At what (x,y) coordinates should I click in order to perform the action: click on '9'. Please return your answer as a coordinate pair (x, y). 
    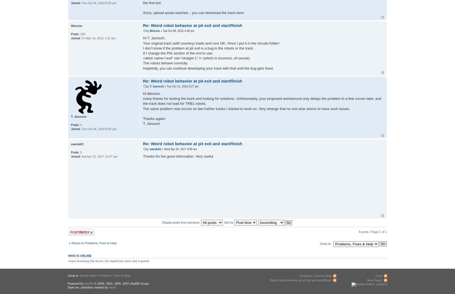
    Looking at the image, I should click on (80, 152).